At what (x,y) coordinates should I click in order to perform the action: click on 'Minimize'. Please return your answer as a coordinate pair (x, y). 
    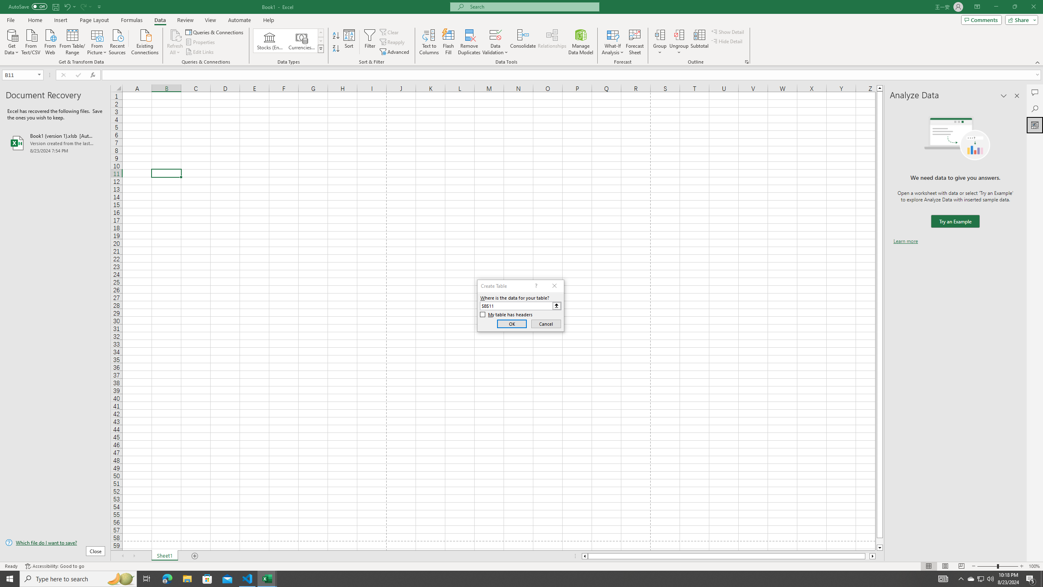
    Looking at the image, I should click on (995, 7).